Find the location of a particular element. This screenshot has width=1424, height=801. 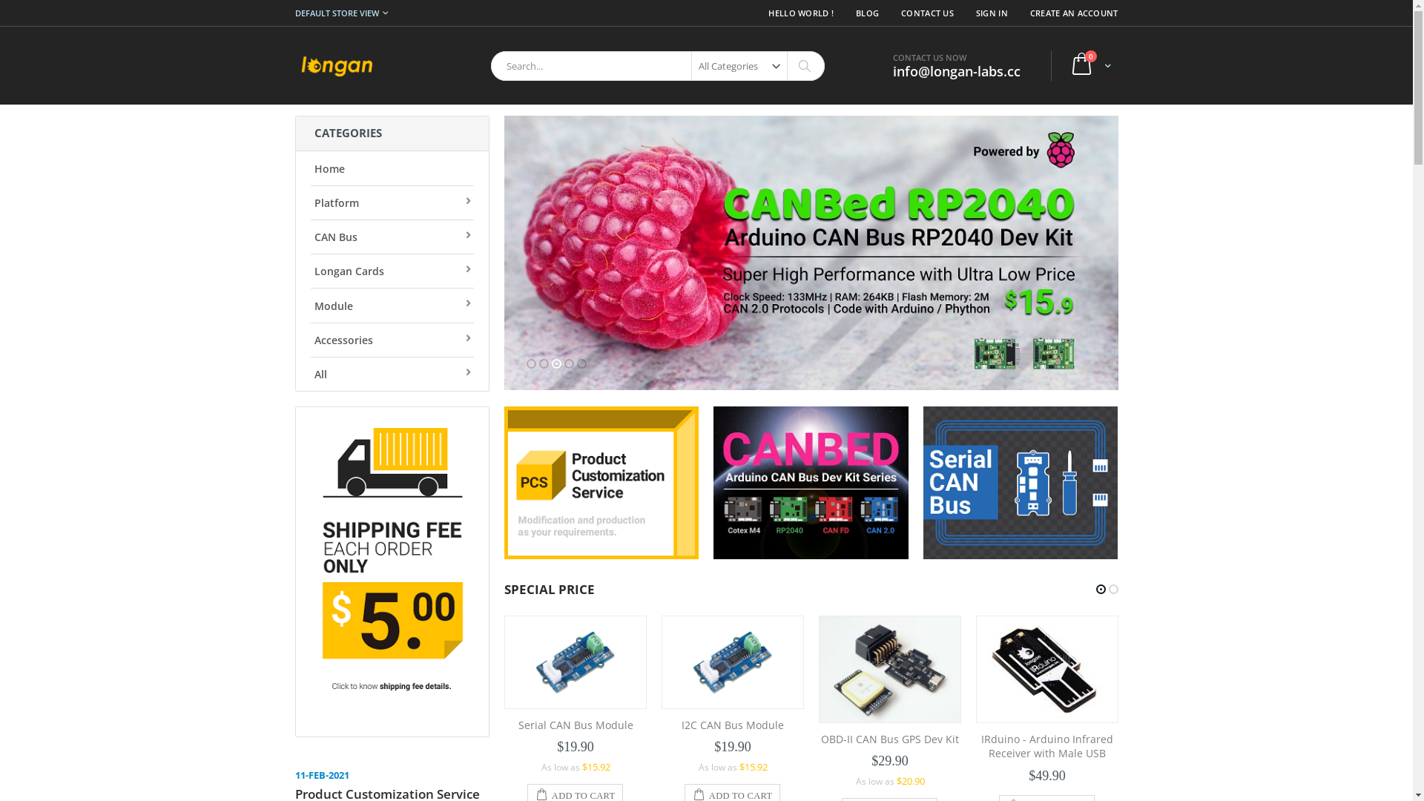

'CONTACT US' is located at coordinates (926, 13).